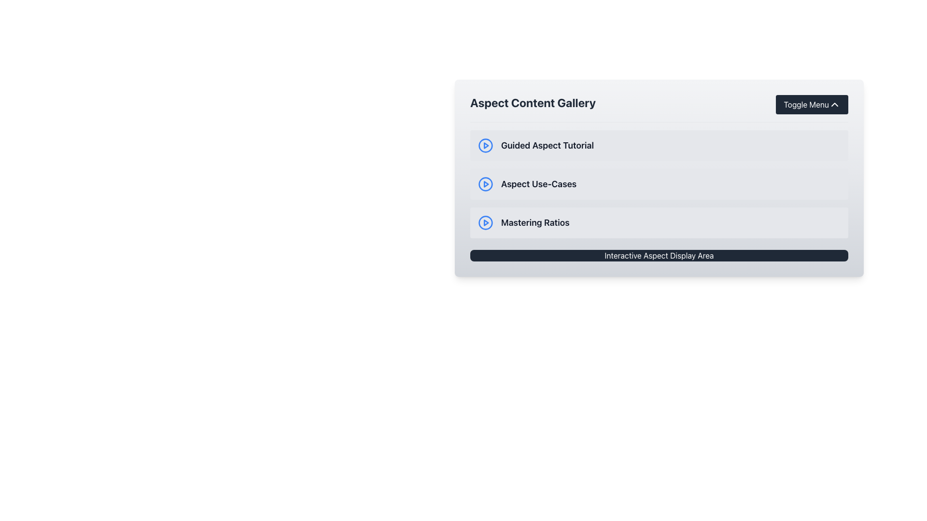  What do you see at coordinates (659, 184) in the screenshot?
I see `the clickable button labeled 'Aspect Use-Cases' which is the second item in the list within the 'Aspect Content Gallery' panel` at bounding box center [659, 184].